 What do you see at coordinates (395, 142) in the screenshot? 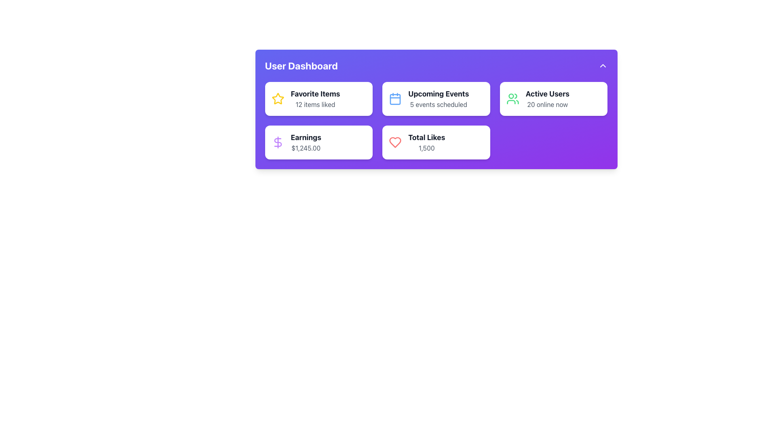
I see `the heart-shaped icon with a red gradient located in the 'Total Likes' card, which signifies the total likes count of 1,500` at bounding box center [395, 142].